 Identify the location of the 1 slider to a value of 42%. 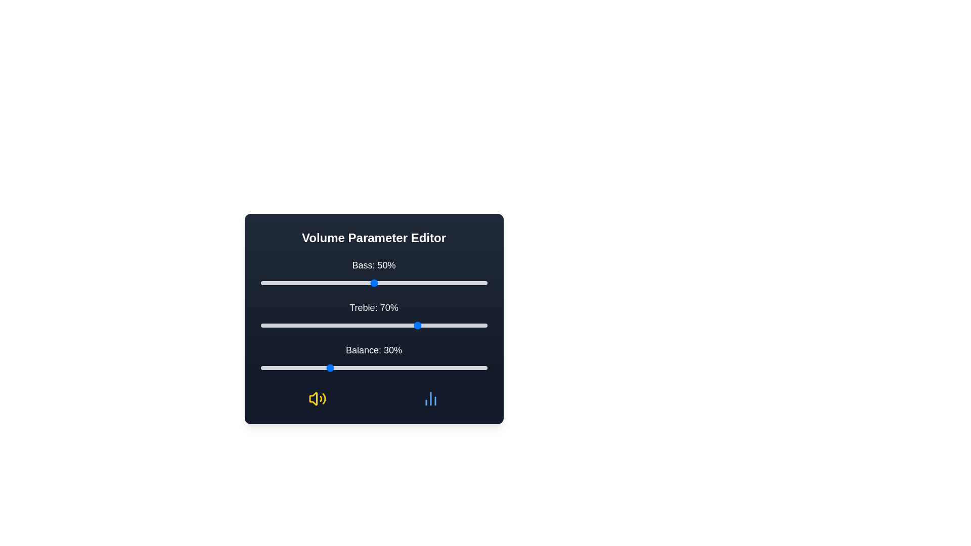
(356, 326).